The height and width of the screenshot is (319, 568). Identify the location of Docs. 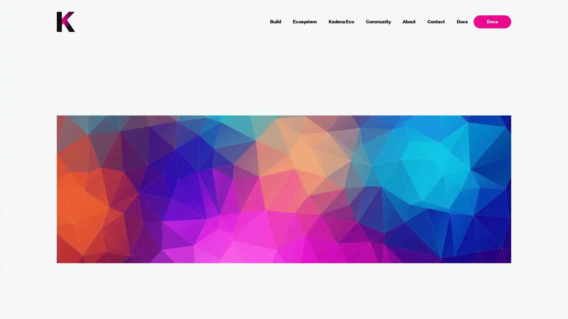
(492, 21).